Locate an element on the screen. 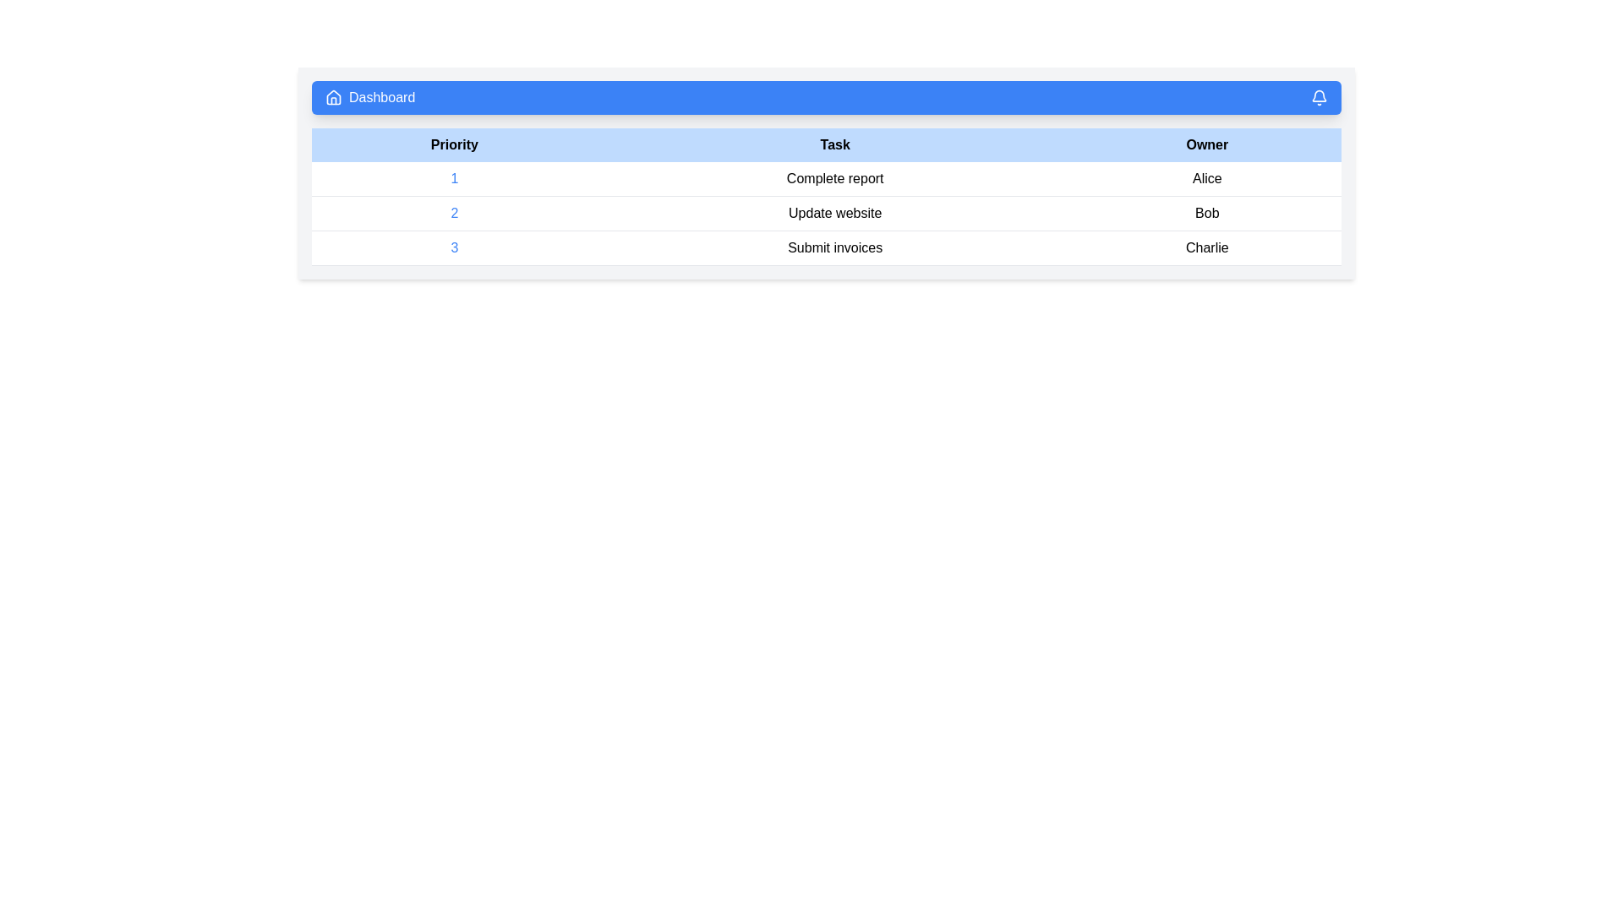 The image size is (1623, 912). the first task entry is located at coordinates (827, 179).